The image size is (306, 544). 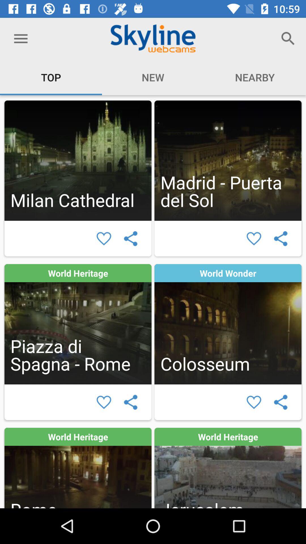 What do you see at coordinates (228, 324) in the screenshot?
I see `image access` at bounding box center [228, 324].